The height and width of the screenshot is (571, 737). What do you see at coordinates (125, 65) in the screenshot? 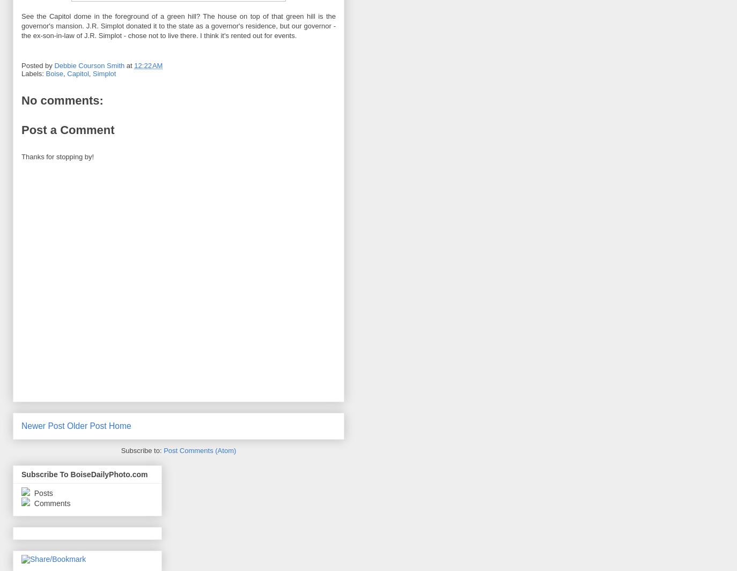
I see `'at'` at bounding box center [125, 65].